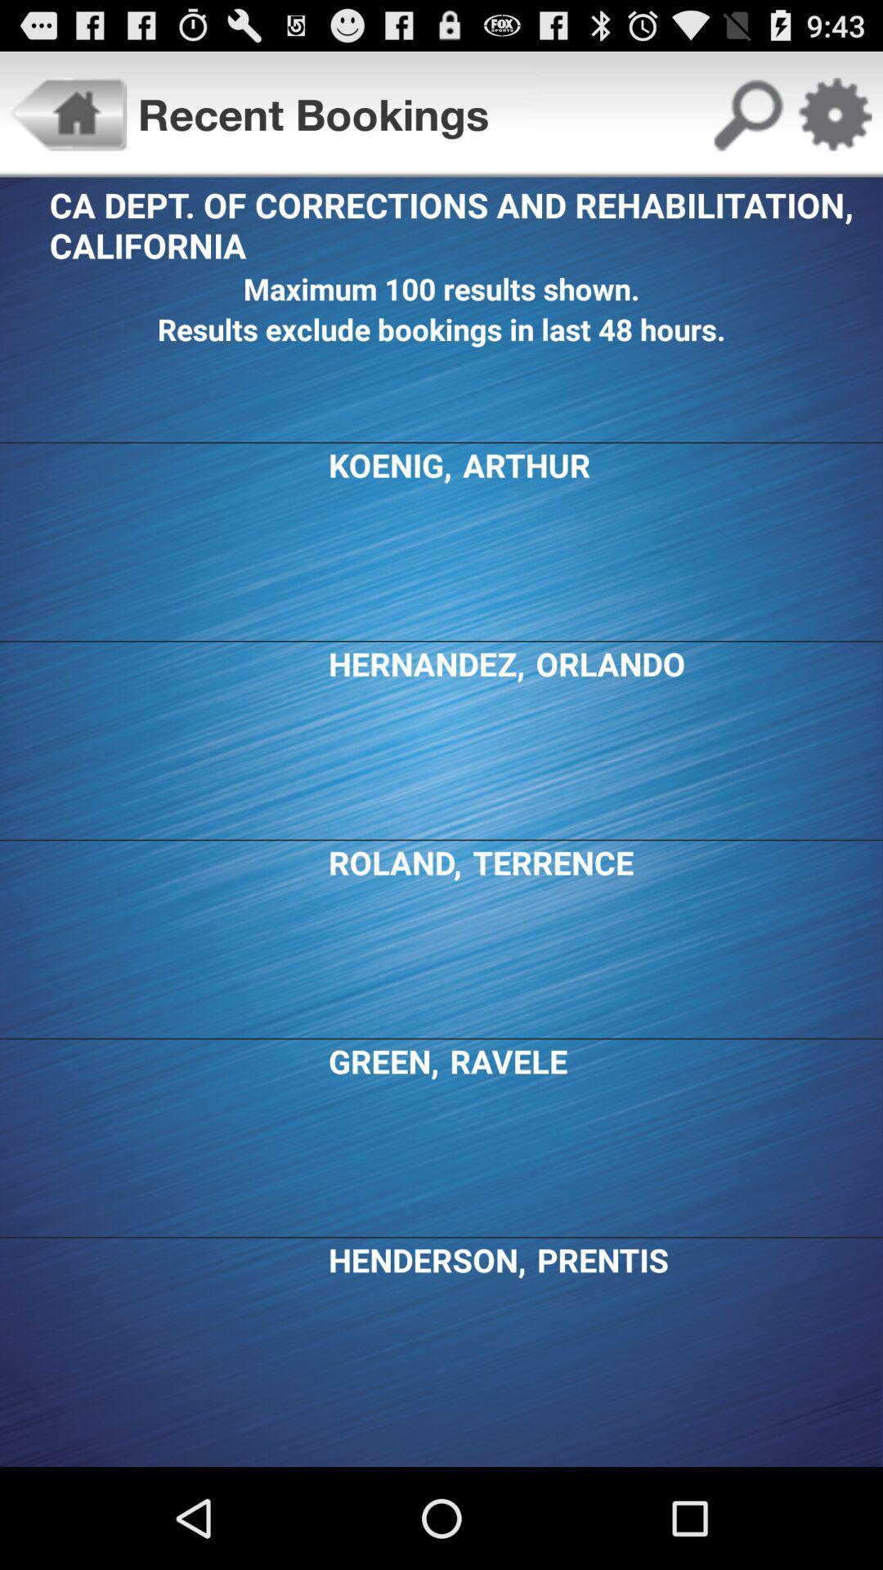 Image resolution: width=883 pixels, height=1570 pixels. I want to click on the search icon, so click(747, 121).